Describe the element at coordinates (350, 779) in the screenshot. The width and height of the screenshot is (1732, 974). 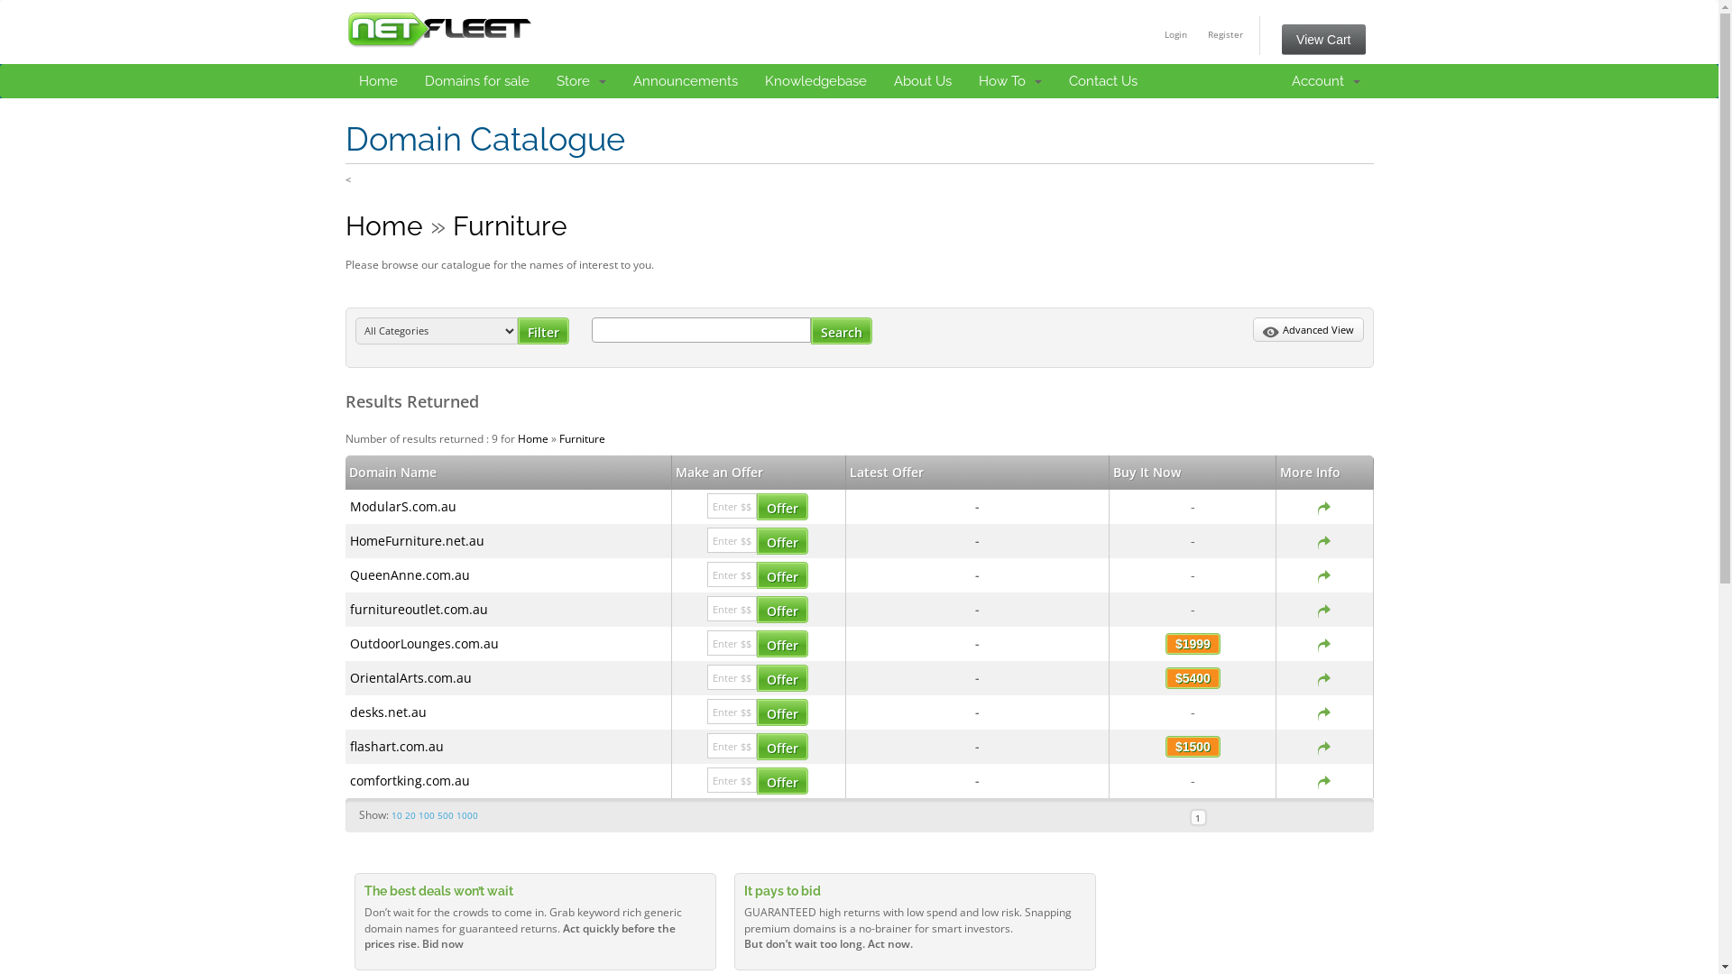
I see `'comfortking.com.au'` at that location.